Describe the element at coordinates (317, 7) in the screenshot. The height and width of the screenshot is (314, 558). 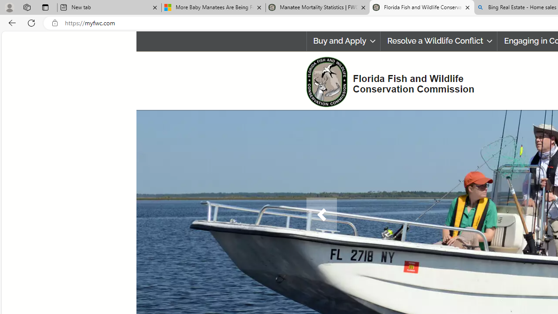
I see `'Manatee Mortality Statistics | FWC'` at that location.